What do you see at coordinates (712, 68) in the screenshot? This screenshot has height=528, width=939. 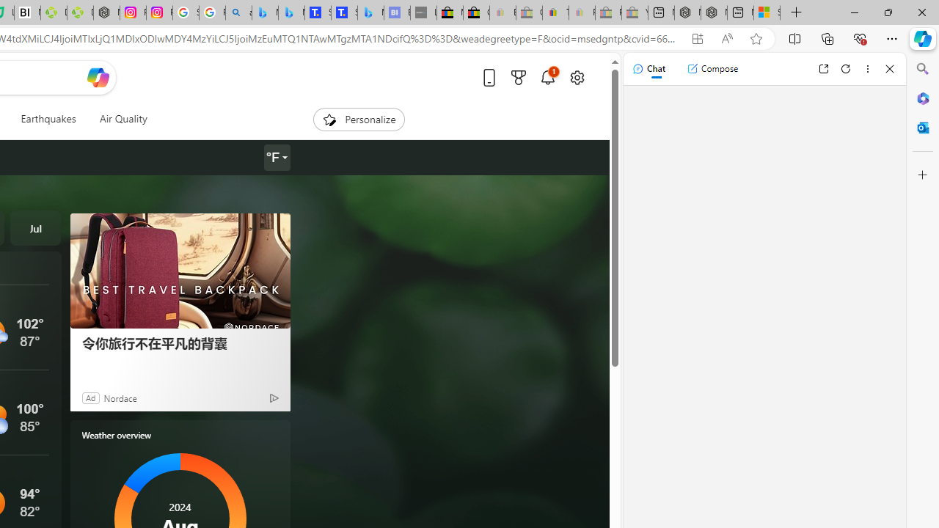 I see `'Compose'` at bounding box center [712, 68].